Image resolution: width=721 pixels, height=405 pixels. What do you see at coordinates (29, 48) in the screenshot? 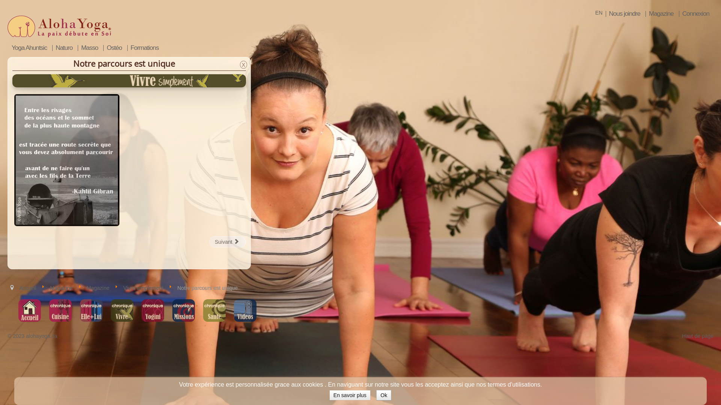
I see `'Yoga Ahuntsic'` at bounding box center [29, 48].